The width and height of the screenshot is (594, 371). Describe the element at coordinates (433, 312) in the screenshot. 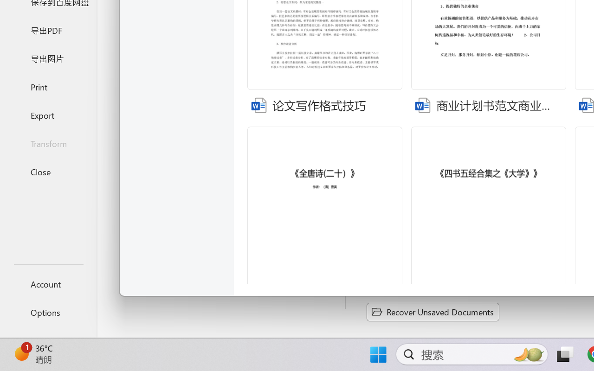

I see `'Recover Unsaved Documents'` at that location.